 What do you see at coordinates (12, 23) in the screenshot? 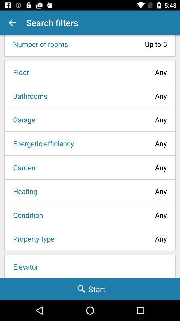
I see `icon above the number of rooms icon` at bounding box center [12, 23].